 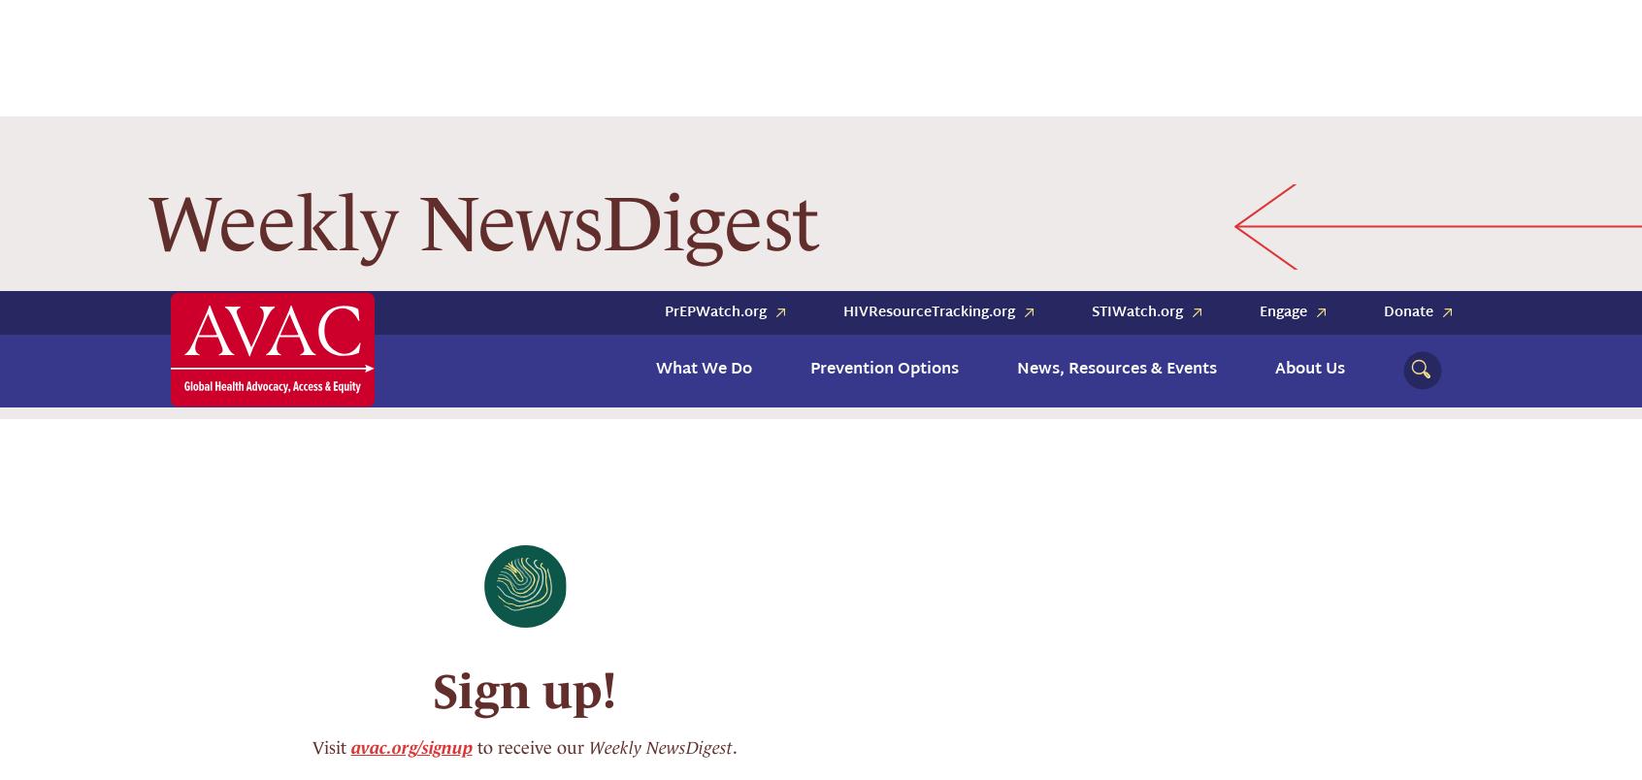 I want to click on 'Visit', so click(x=310, y=398).